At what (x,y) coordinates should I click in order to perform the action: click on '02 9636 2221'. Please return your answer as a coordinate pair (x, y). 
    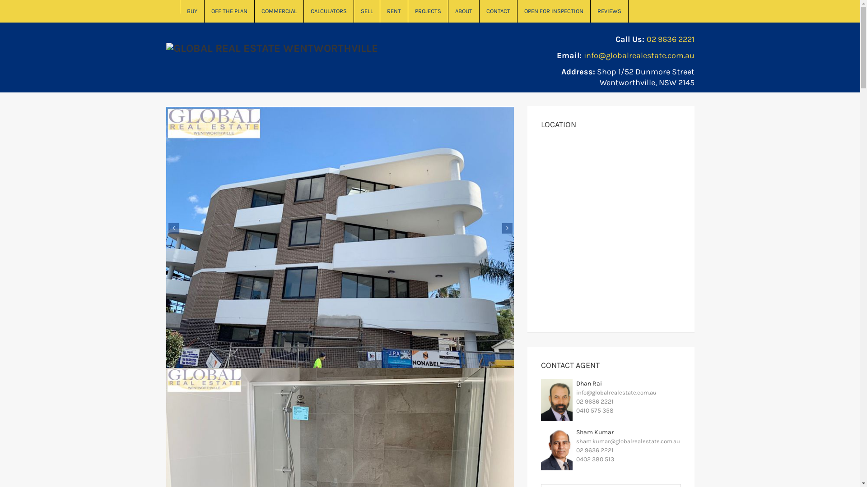
    Looking at the image, I should click on (670, 39).